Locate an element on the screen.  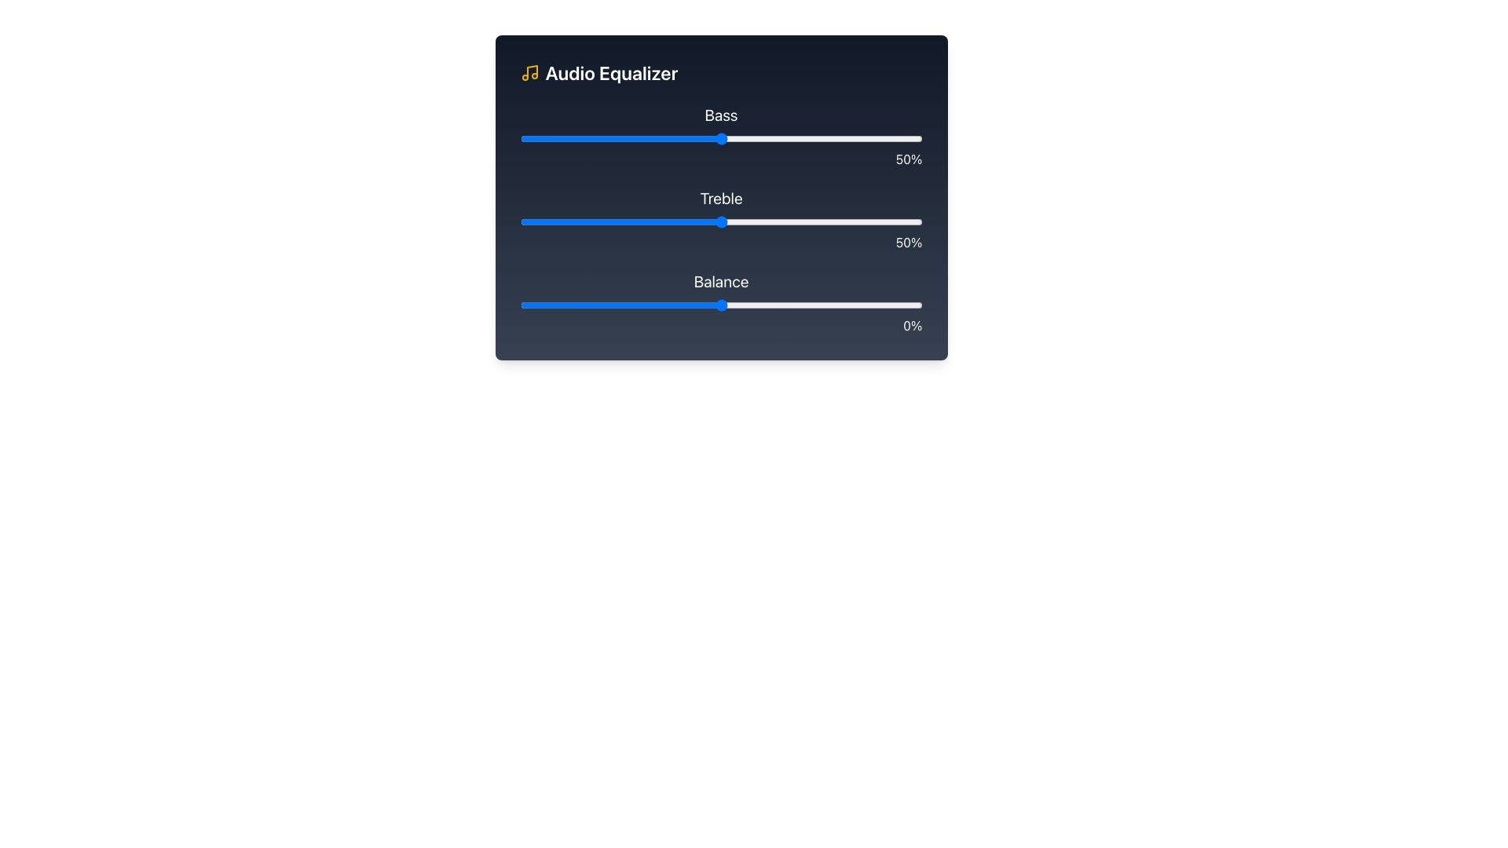
balance is located at coordinates (608, 305).